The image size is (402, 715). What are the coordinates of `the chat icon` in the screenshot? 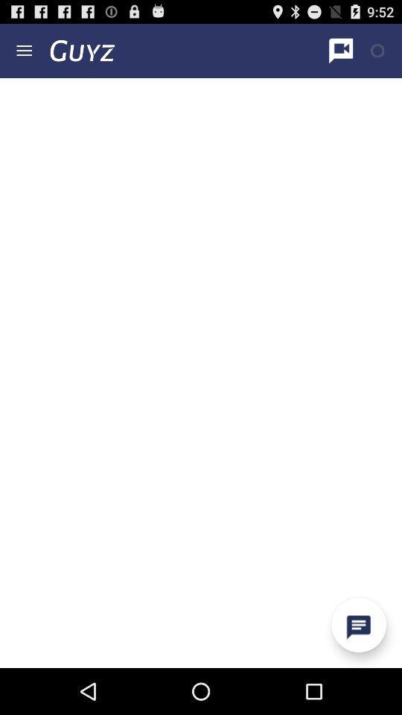 It's located at (358, 668).